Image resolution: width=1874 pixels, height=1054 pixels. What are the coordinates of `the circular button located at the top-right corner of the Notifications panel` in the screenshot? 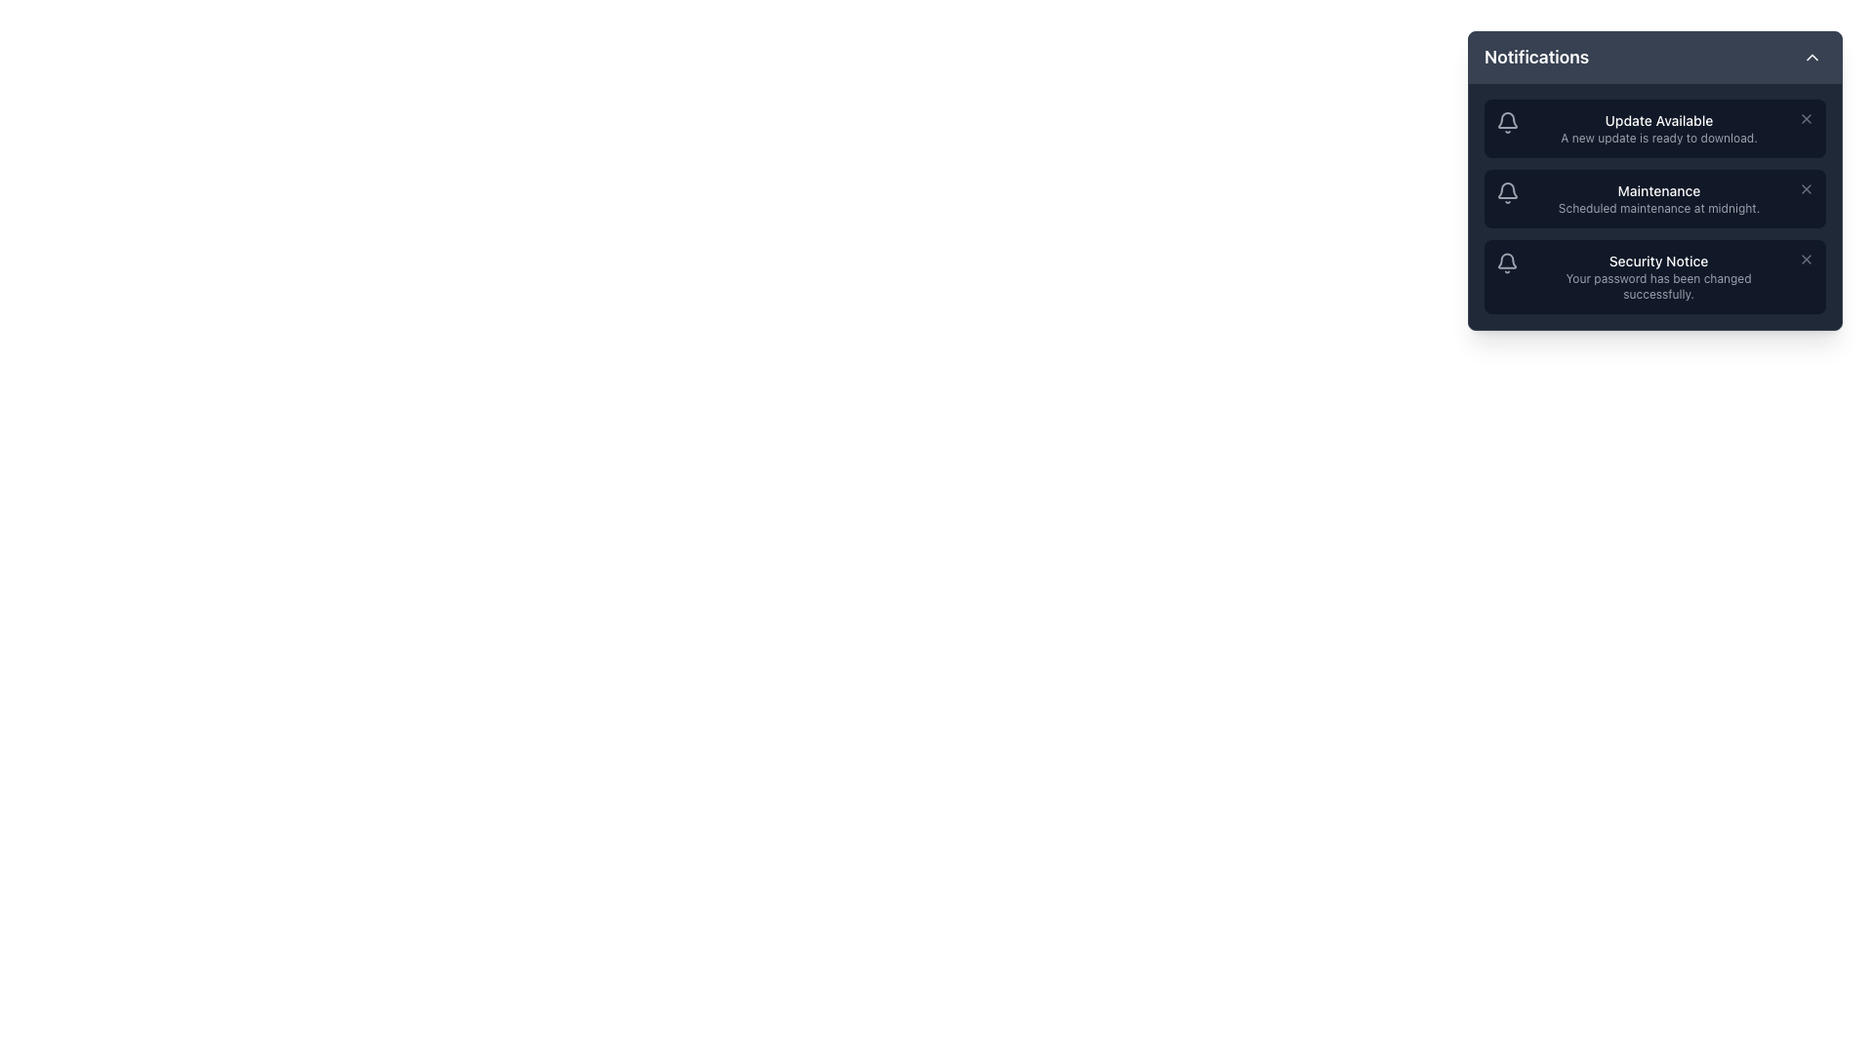 It's located at (1812, 56).